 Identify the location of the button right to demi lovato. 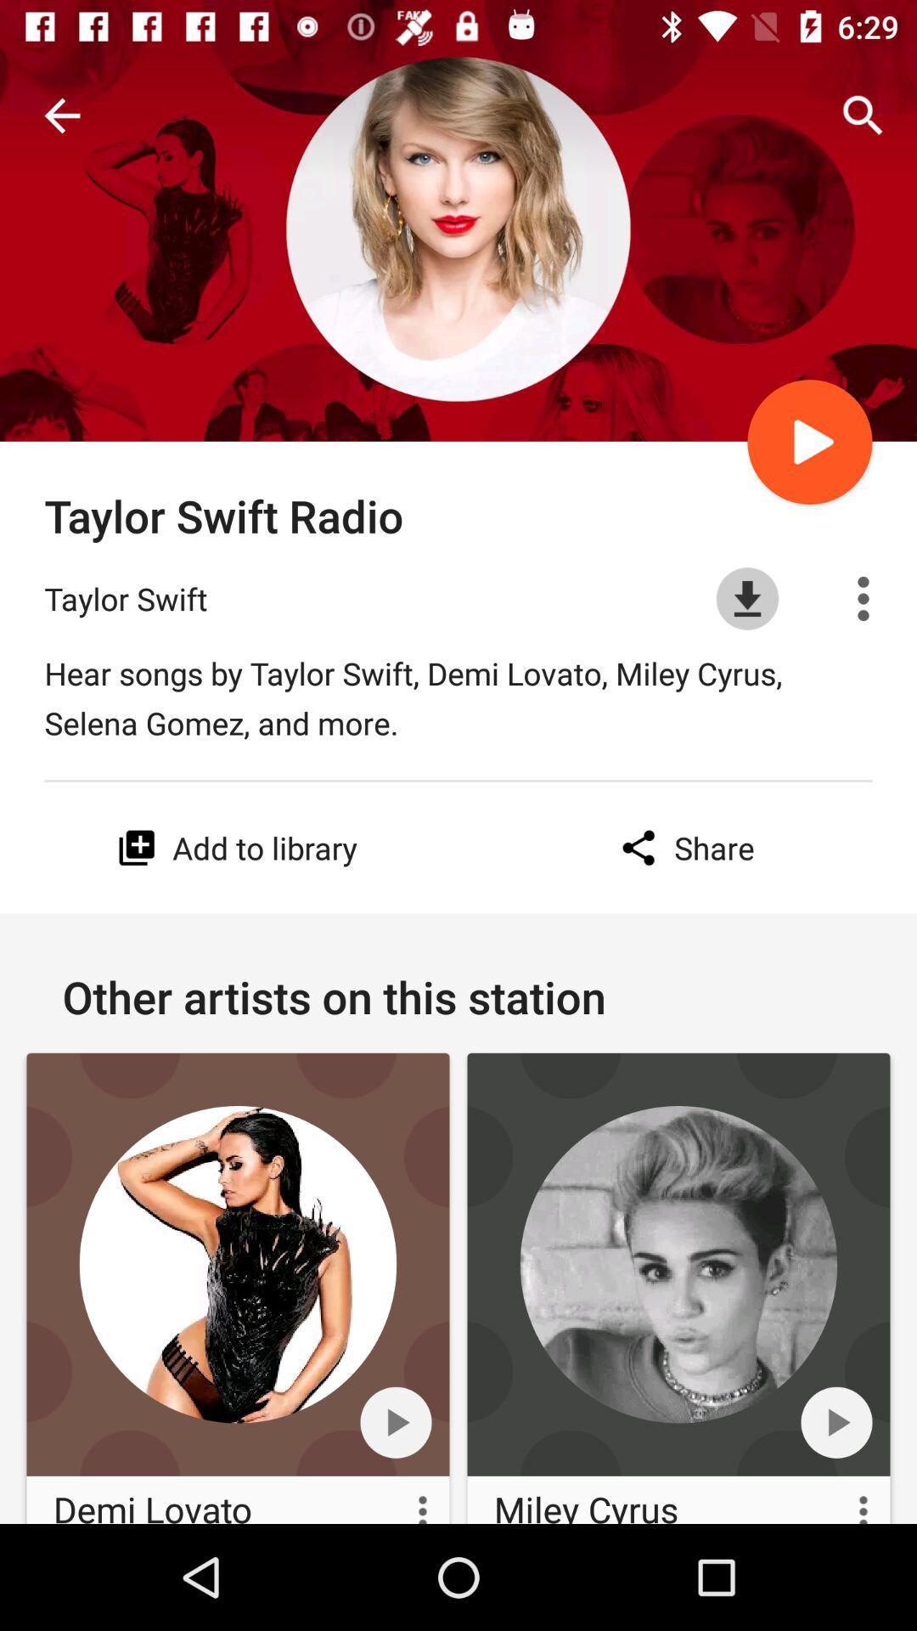
(405, 1500).